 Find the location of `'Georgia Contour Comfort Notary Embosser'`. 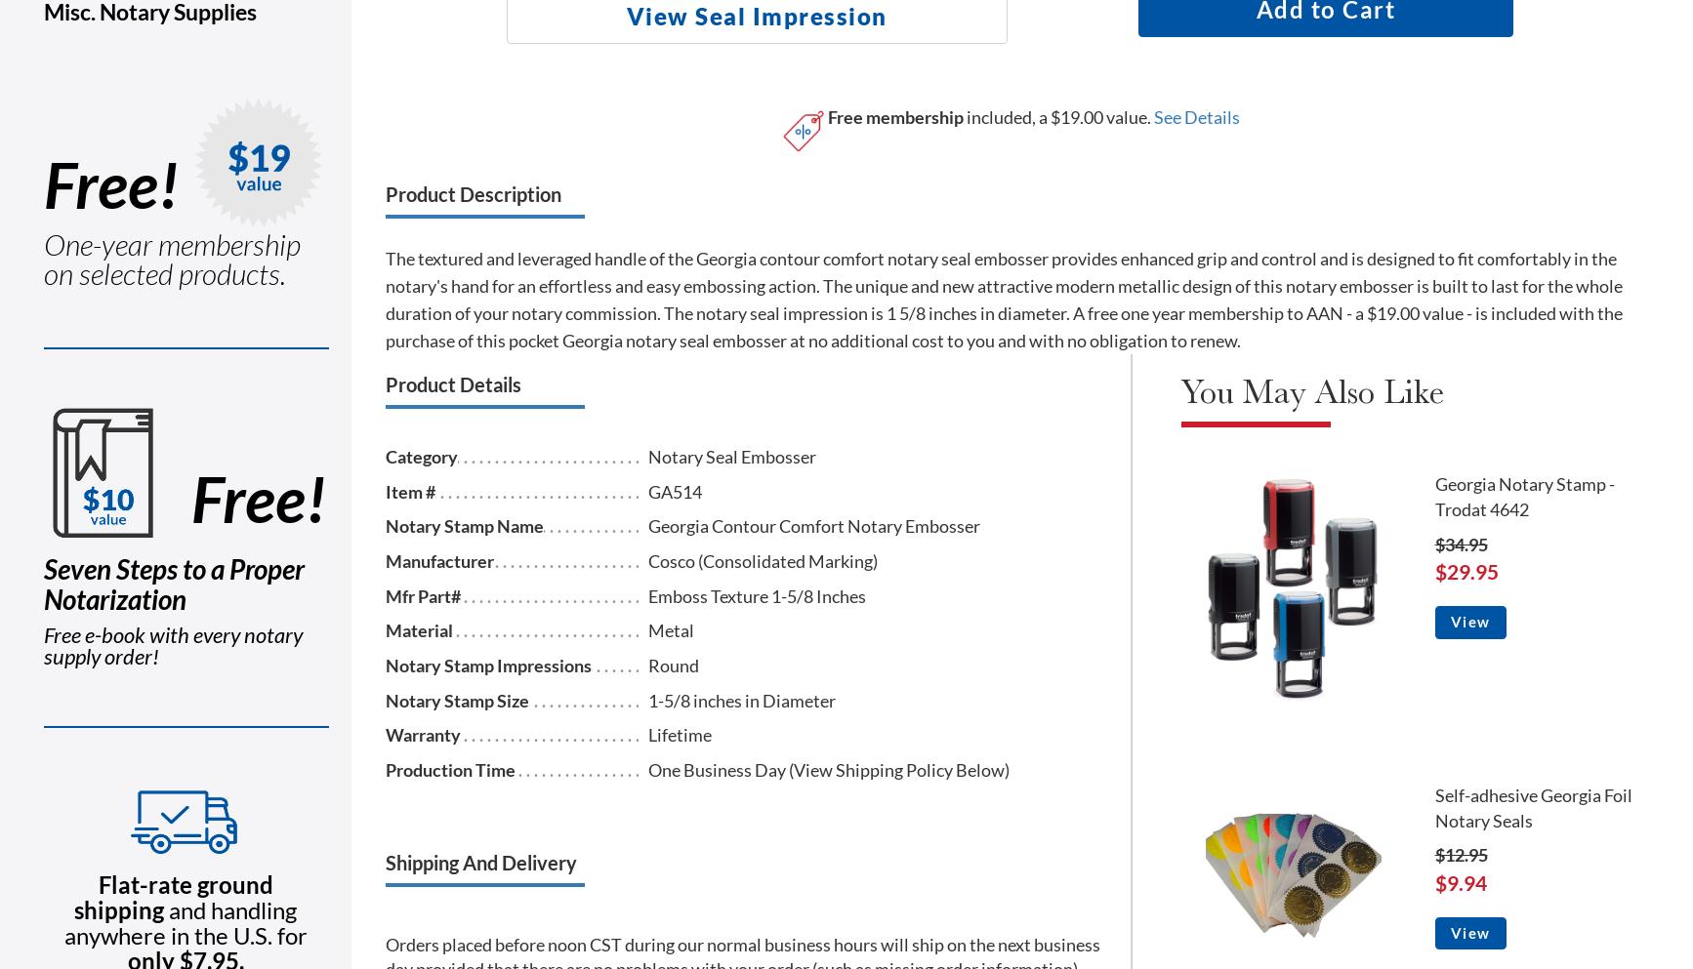

'Georgia Contour Comfort Notary Embosser' is located at coordinates (813, 525).